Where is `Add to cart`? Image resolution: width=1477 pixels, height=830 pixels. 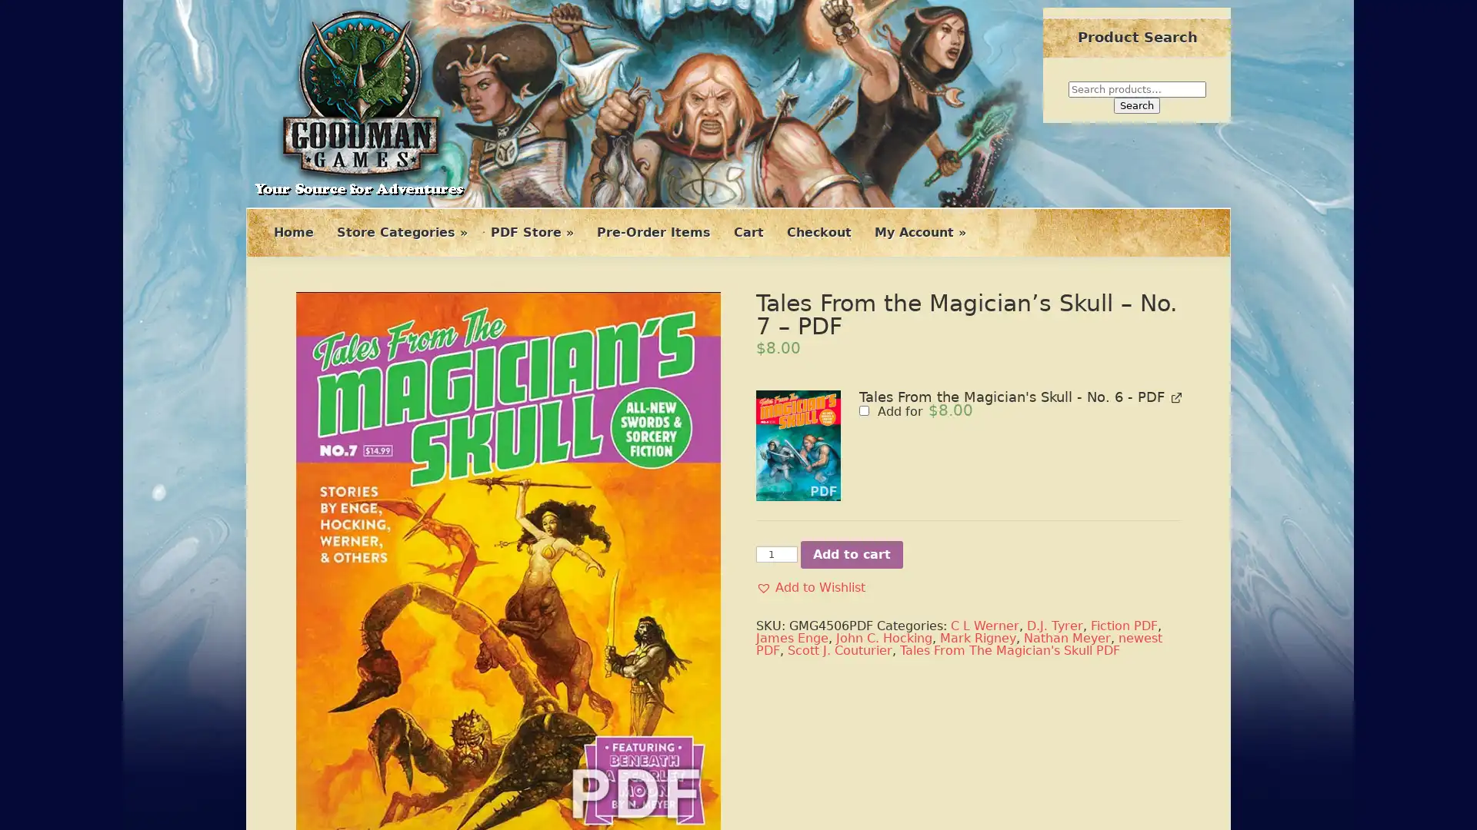 Add to cart is located at coordinates (851, 554).